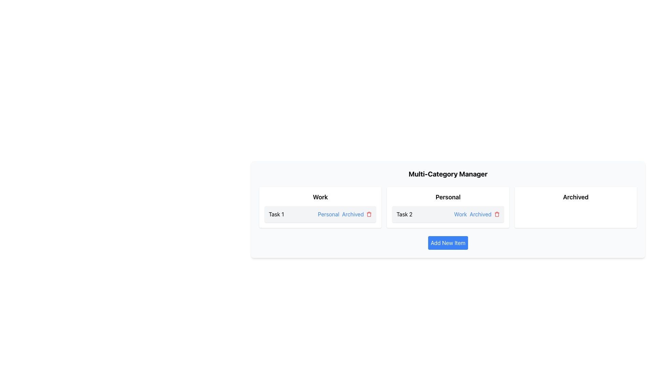 This screenshot has width=655, height=368. What do you see at coordinates (352, 214) in the screenshot?
I see `the 'Archived' link, which is the second item in a sequence of interactive text links` at bounding box center [352, 214].